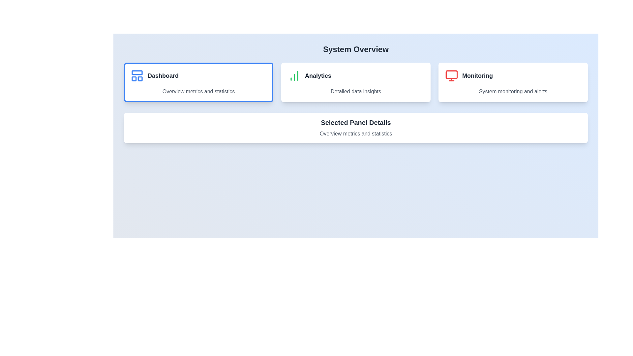  What do you see at coordinates (294, 75) in the screenshot?
I see `the vertically aligned green bar chart icon located within the 'Analytics' section of the UI` at bounding box center [294, 75].